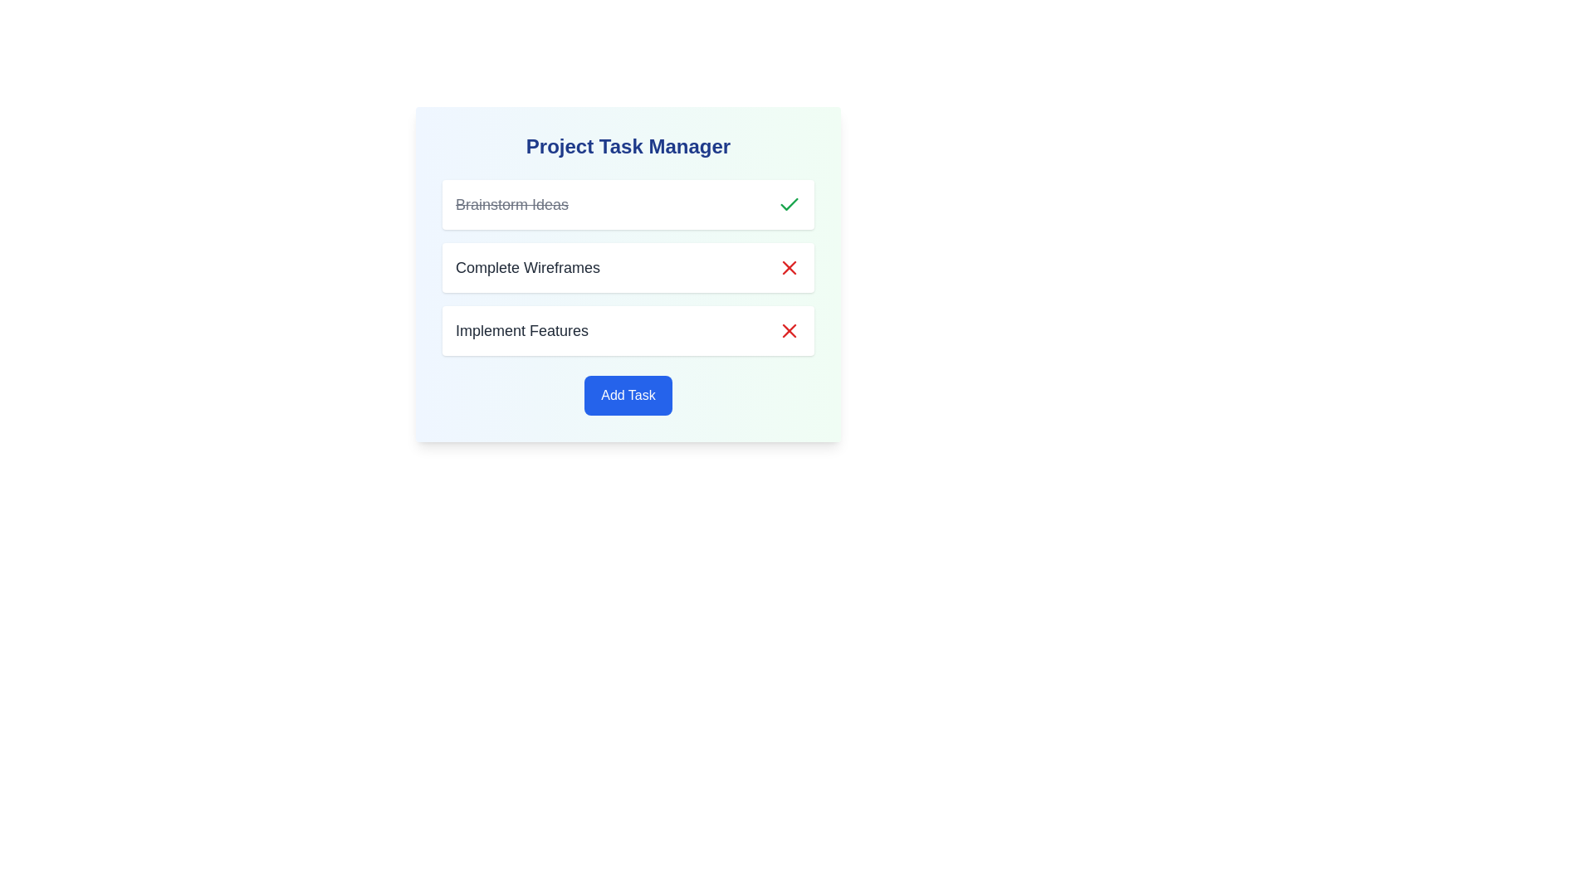  I want to click on the second cross icon in the task list, which is positioned to the right of the 'Complete Wireframes' label, to indicate the option for removing or marking the associated task as incomplete, so click(788, 267).